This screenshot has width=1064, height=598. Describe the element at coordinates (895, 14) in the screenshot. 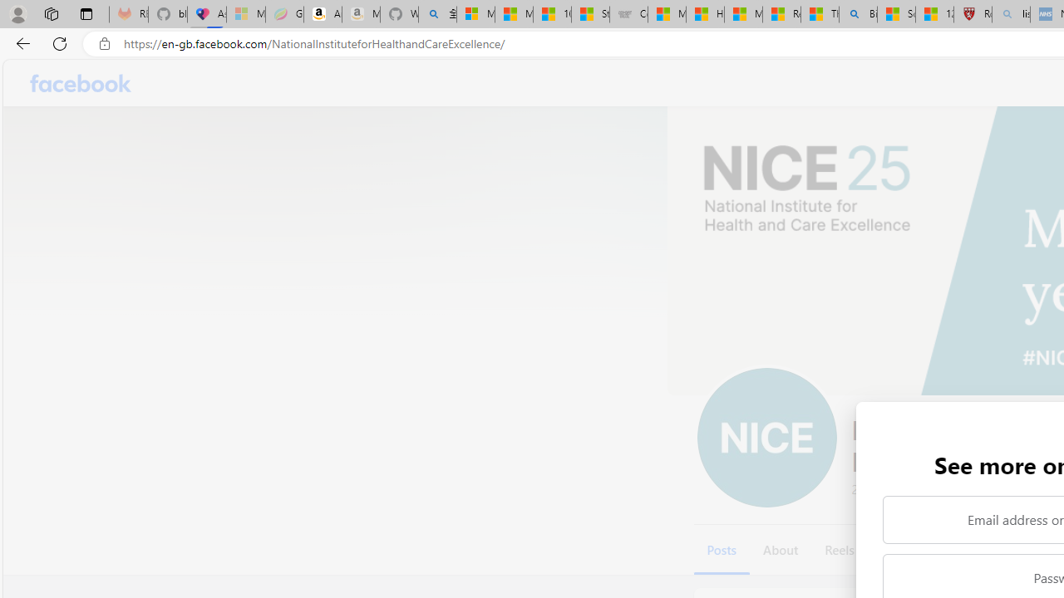

I see `'Science - MSN'` at that location.